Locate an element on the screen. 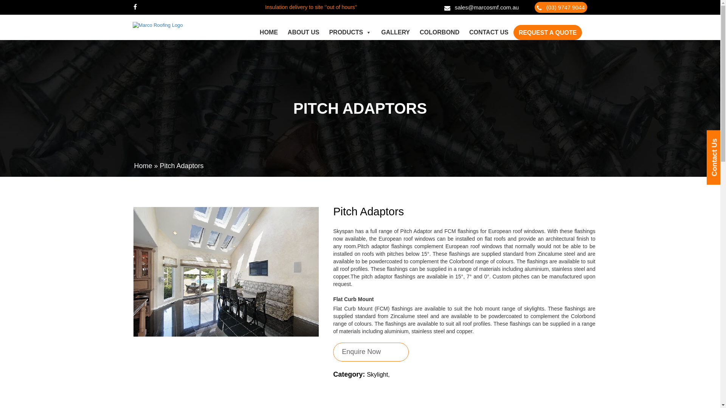 This screenshot has width=726, height=408. 'sales@marcosmf.com.au' is located at coordinates (481, 7).